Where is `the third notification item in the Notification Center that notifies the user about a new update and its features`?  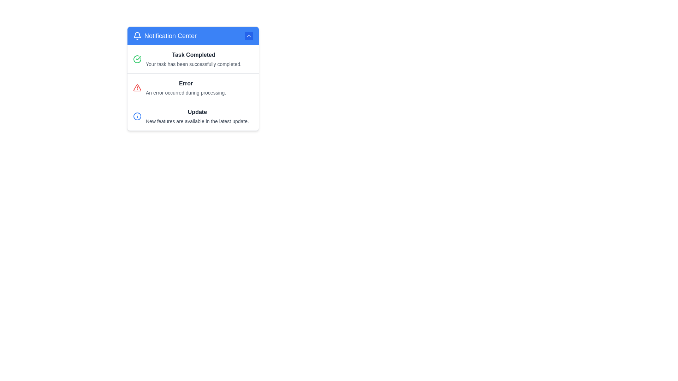
the third notification item in the Notification Center that notifies the user about a new update and its features is located at coordinates (193, 116).